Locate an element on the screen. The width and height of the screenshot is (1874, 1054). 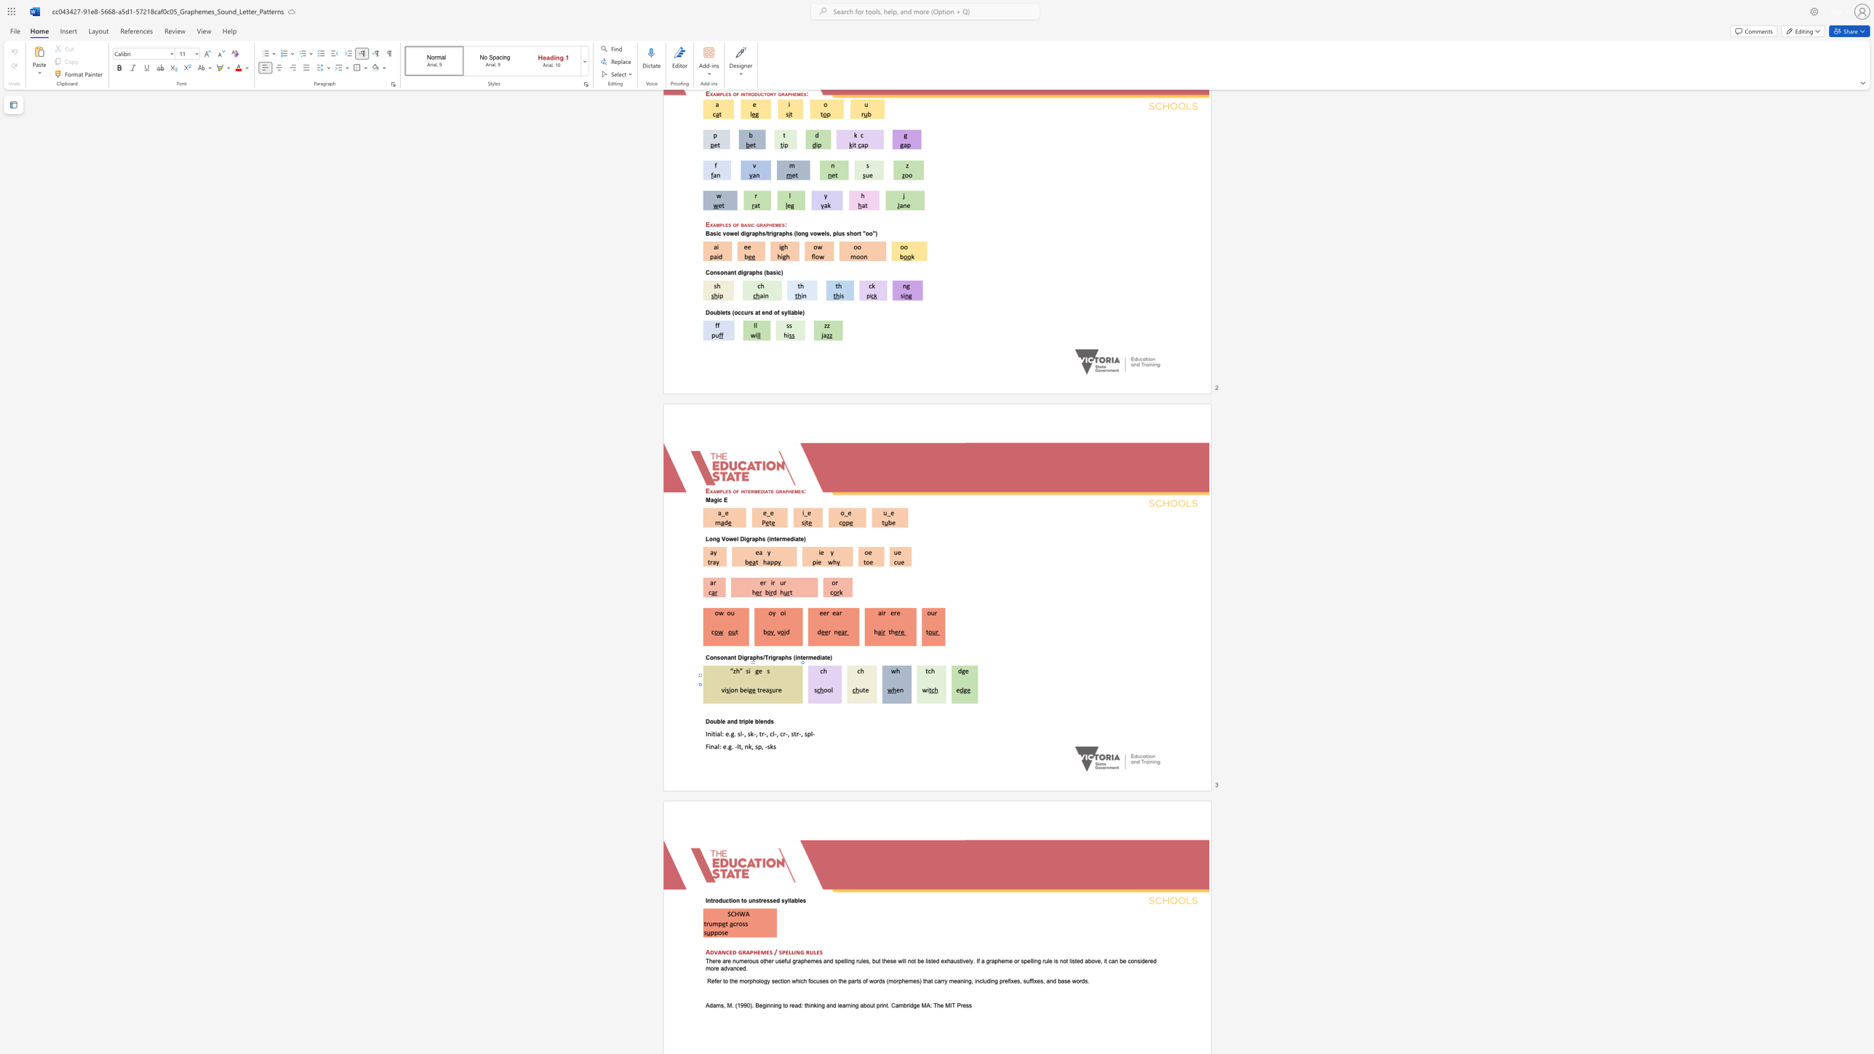
the space between the continuous character "a" and "l" in the text is located at coordinates (717, 746).